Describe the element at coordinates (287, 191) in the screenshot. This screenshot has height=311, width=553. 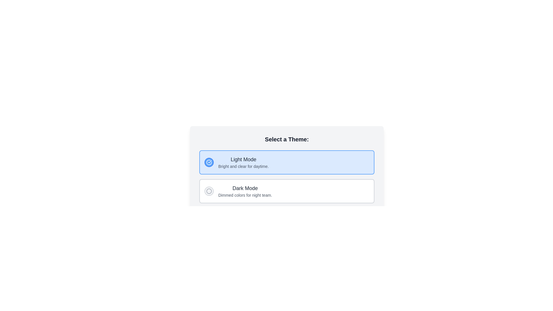
I see `to select the 'Dark Mode' theme from the selectable option card, which is the second option in the vertical selection panel under the title 'Select a Theme:'` at that location.